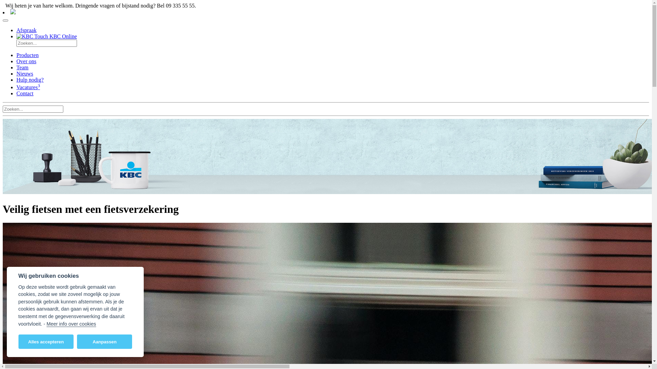  Describe the element at coordinates (16, 73) in the screenshot. I see `'Nieuws'` at that location.